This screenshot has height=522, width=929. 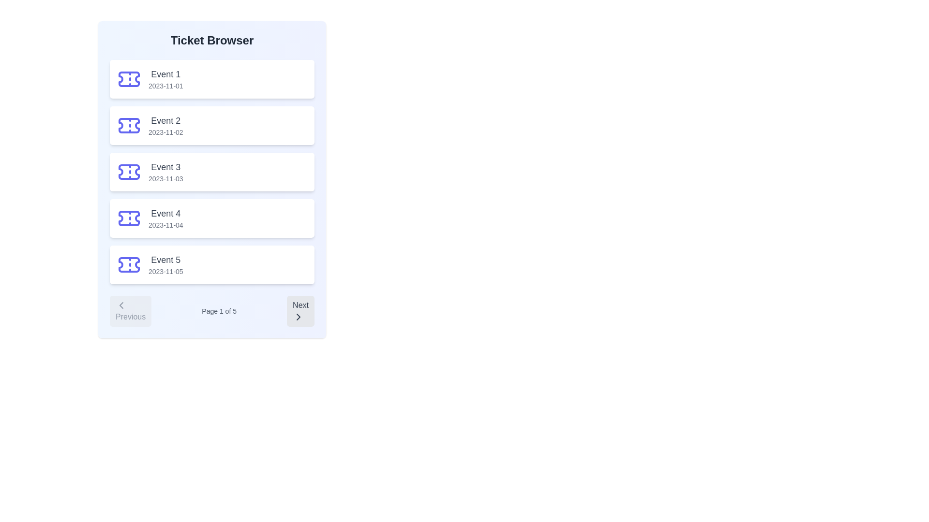 What do you see at coordinates (129, 125) in the screenshot?
I see `the ticket icon located at the left side of the 'Event 2' listing, which visually indicates the type of content related to tickets or events` at bounding box center [129, 125].